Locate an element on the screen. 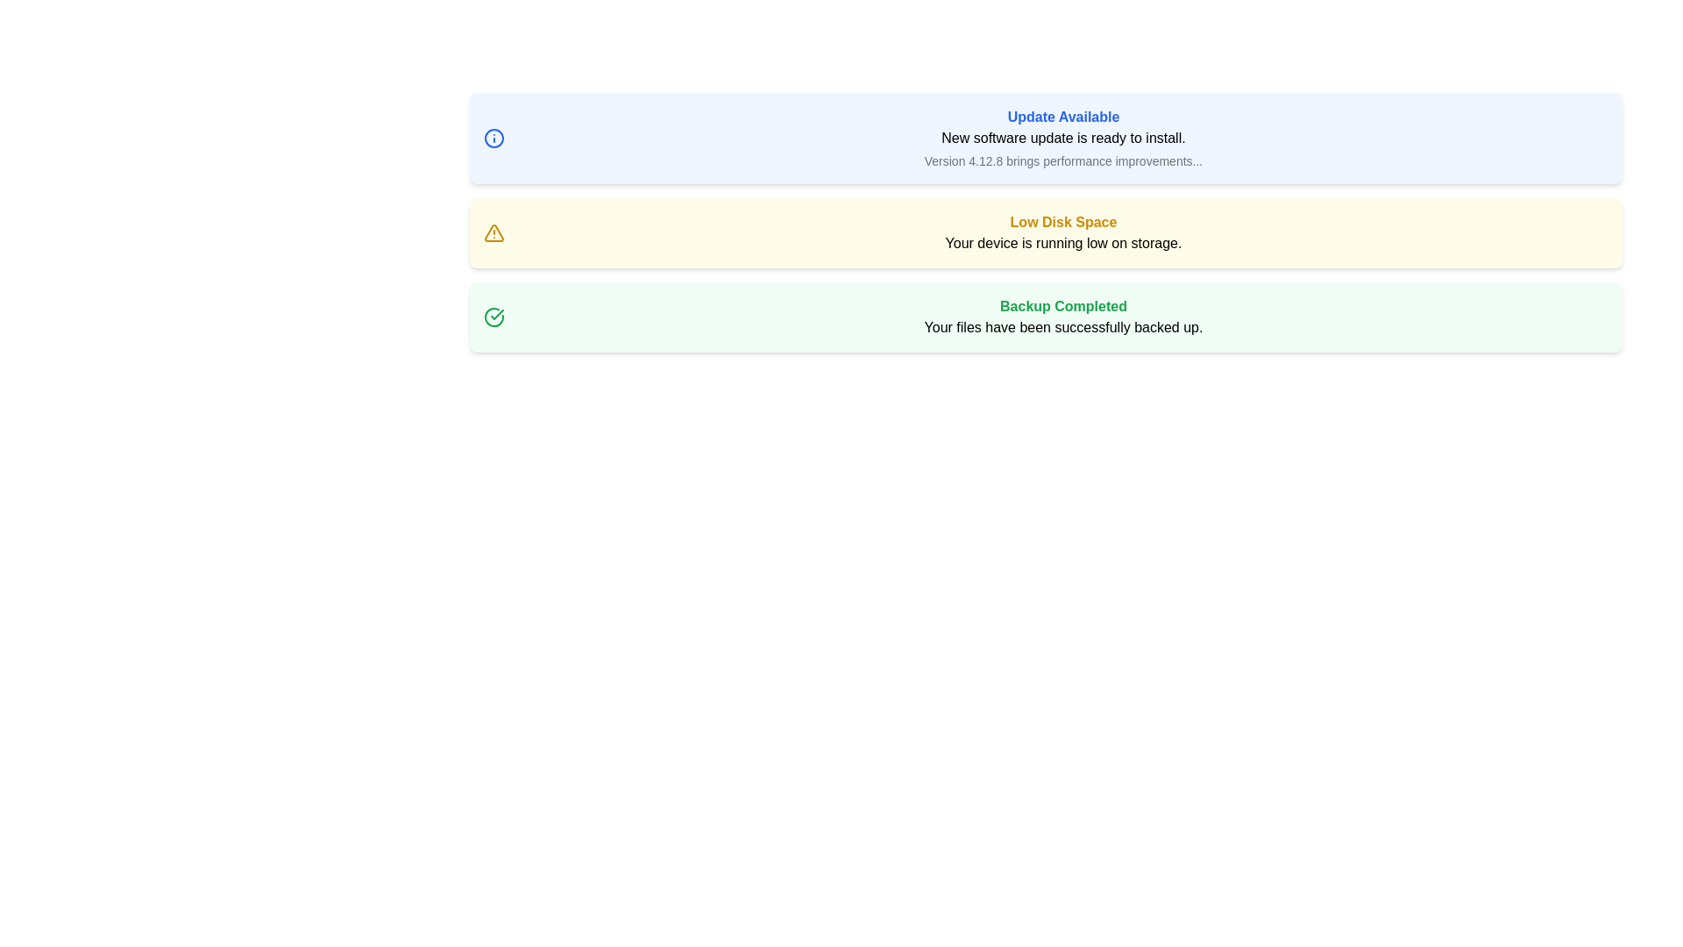 Image resolution: width=1683 pixels, height=947 pixels. the informational alert box that warns about low disk space, which is the second element in a vertical list of three alert message blocks is located at coordinates (1062, 232).